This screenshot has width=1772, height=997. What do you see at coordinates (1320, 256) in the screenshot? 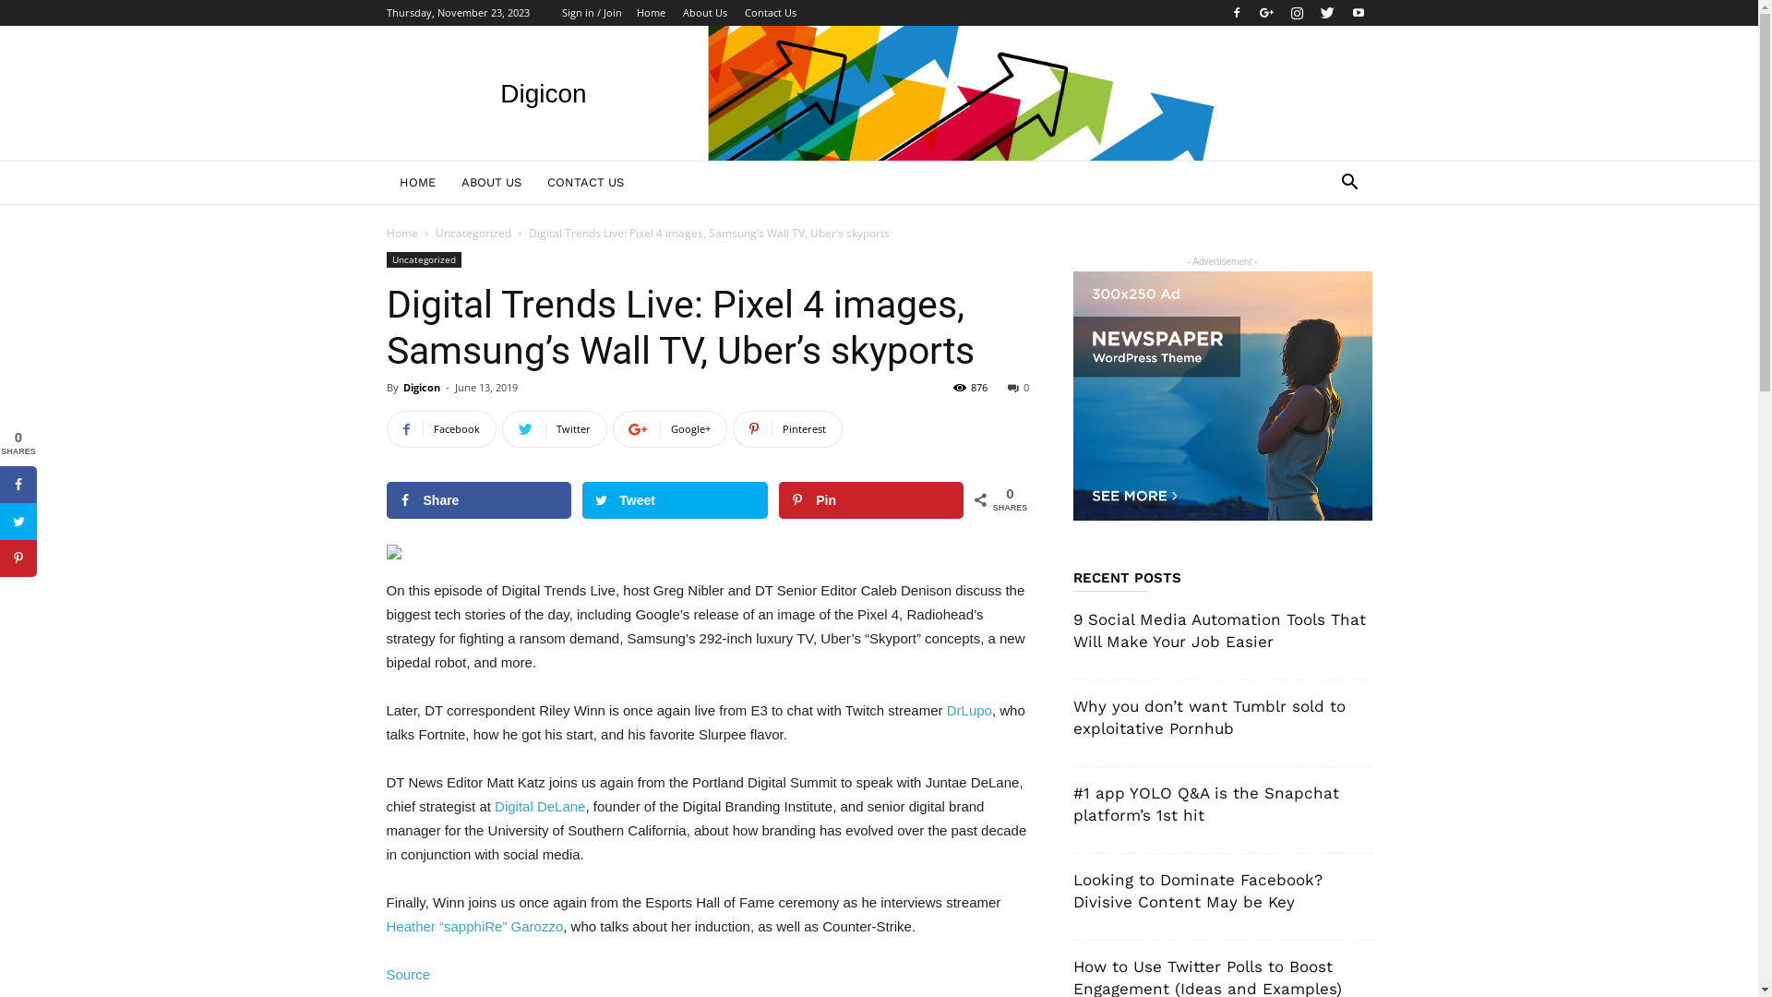
I see `'Search'` at bounding box center [1320, 256].